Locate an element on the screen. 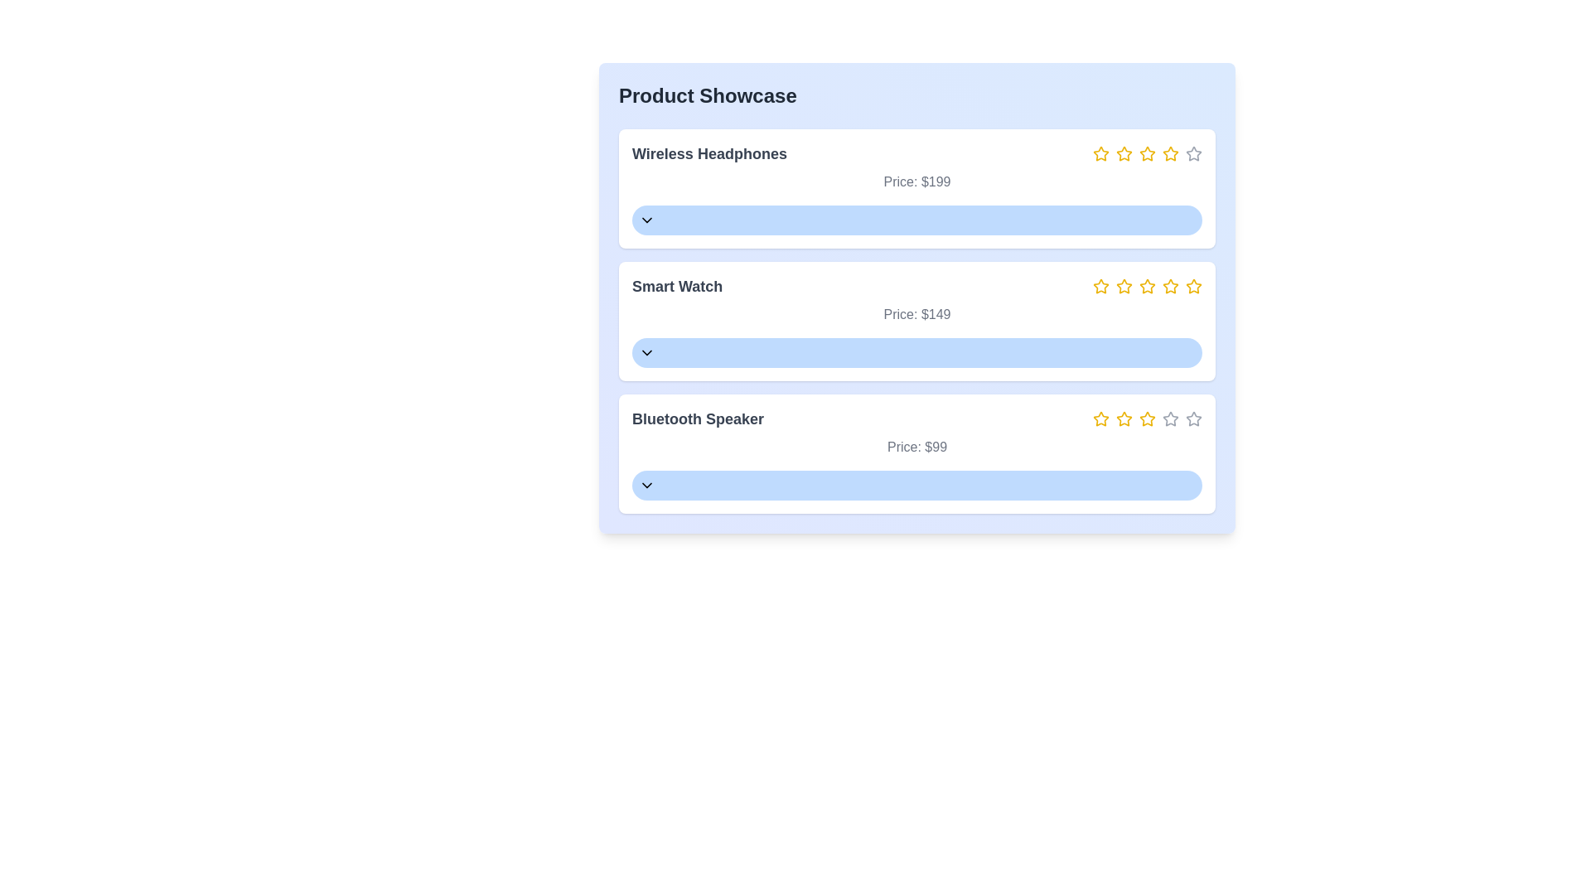 The width and height of the screenshot is (1591, 895). the fifth yellow star icon in the product rating system for 'Smart Watch' is located at coordinates (1169, 286).